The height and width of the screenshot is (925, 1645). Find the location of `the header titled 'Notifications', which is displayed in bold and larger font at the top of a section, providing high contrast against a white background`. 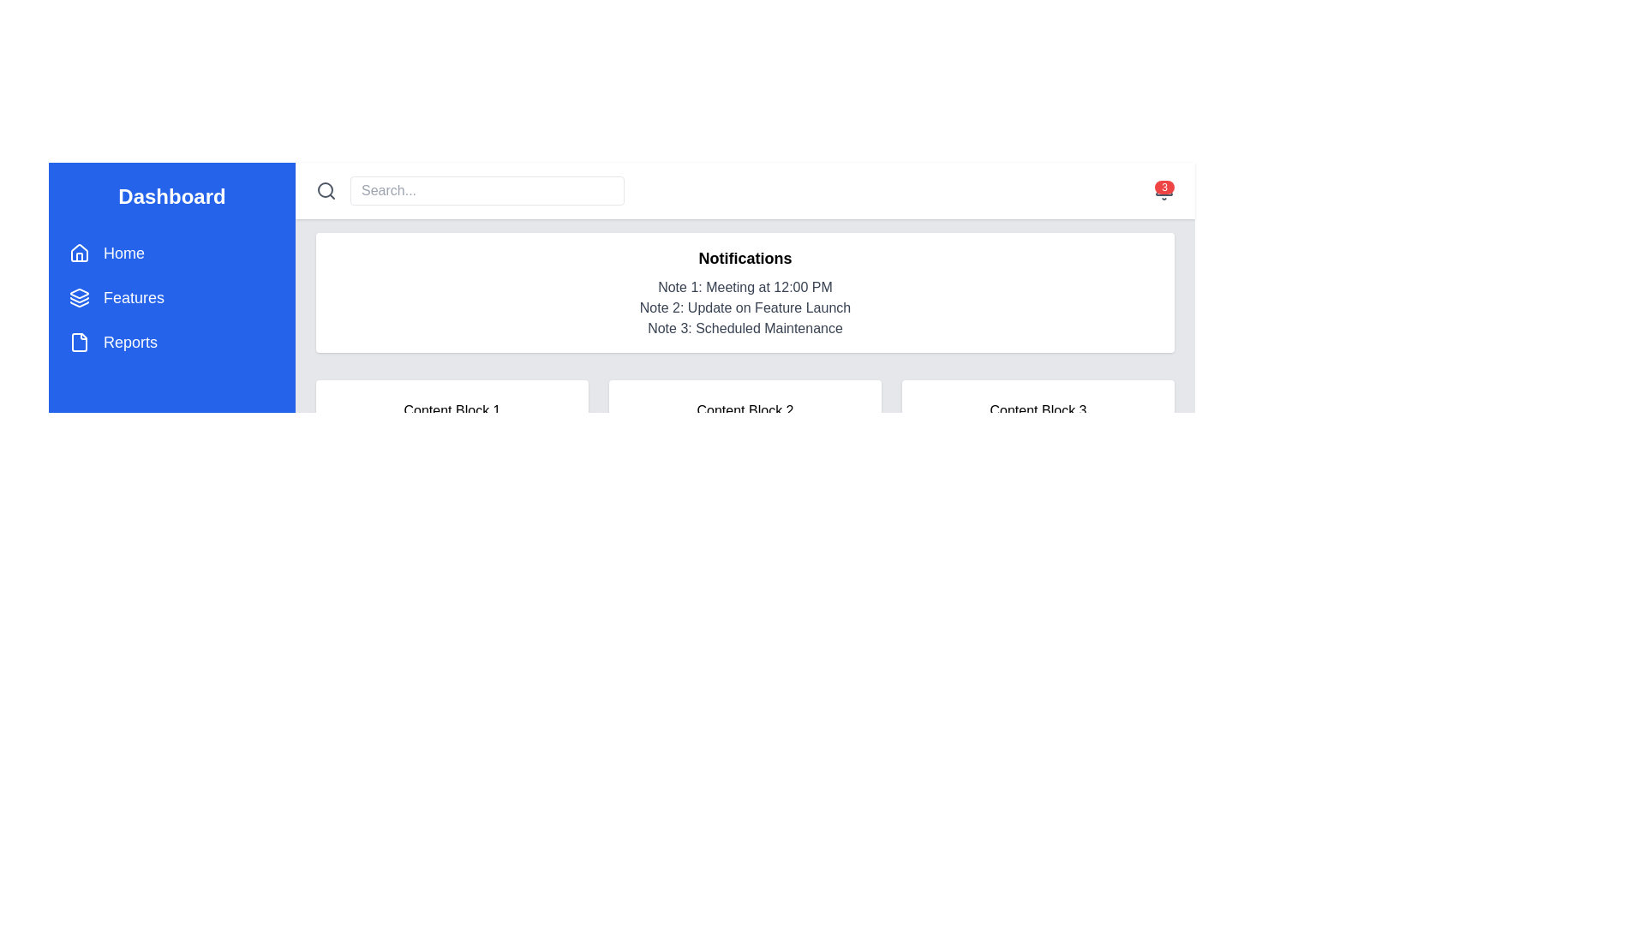

the header titled 'Notifications', which is displayed in bold and larger font at the top of a section, providing high contrast against a white background is located at coordinates (745, 258).